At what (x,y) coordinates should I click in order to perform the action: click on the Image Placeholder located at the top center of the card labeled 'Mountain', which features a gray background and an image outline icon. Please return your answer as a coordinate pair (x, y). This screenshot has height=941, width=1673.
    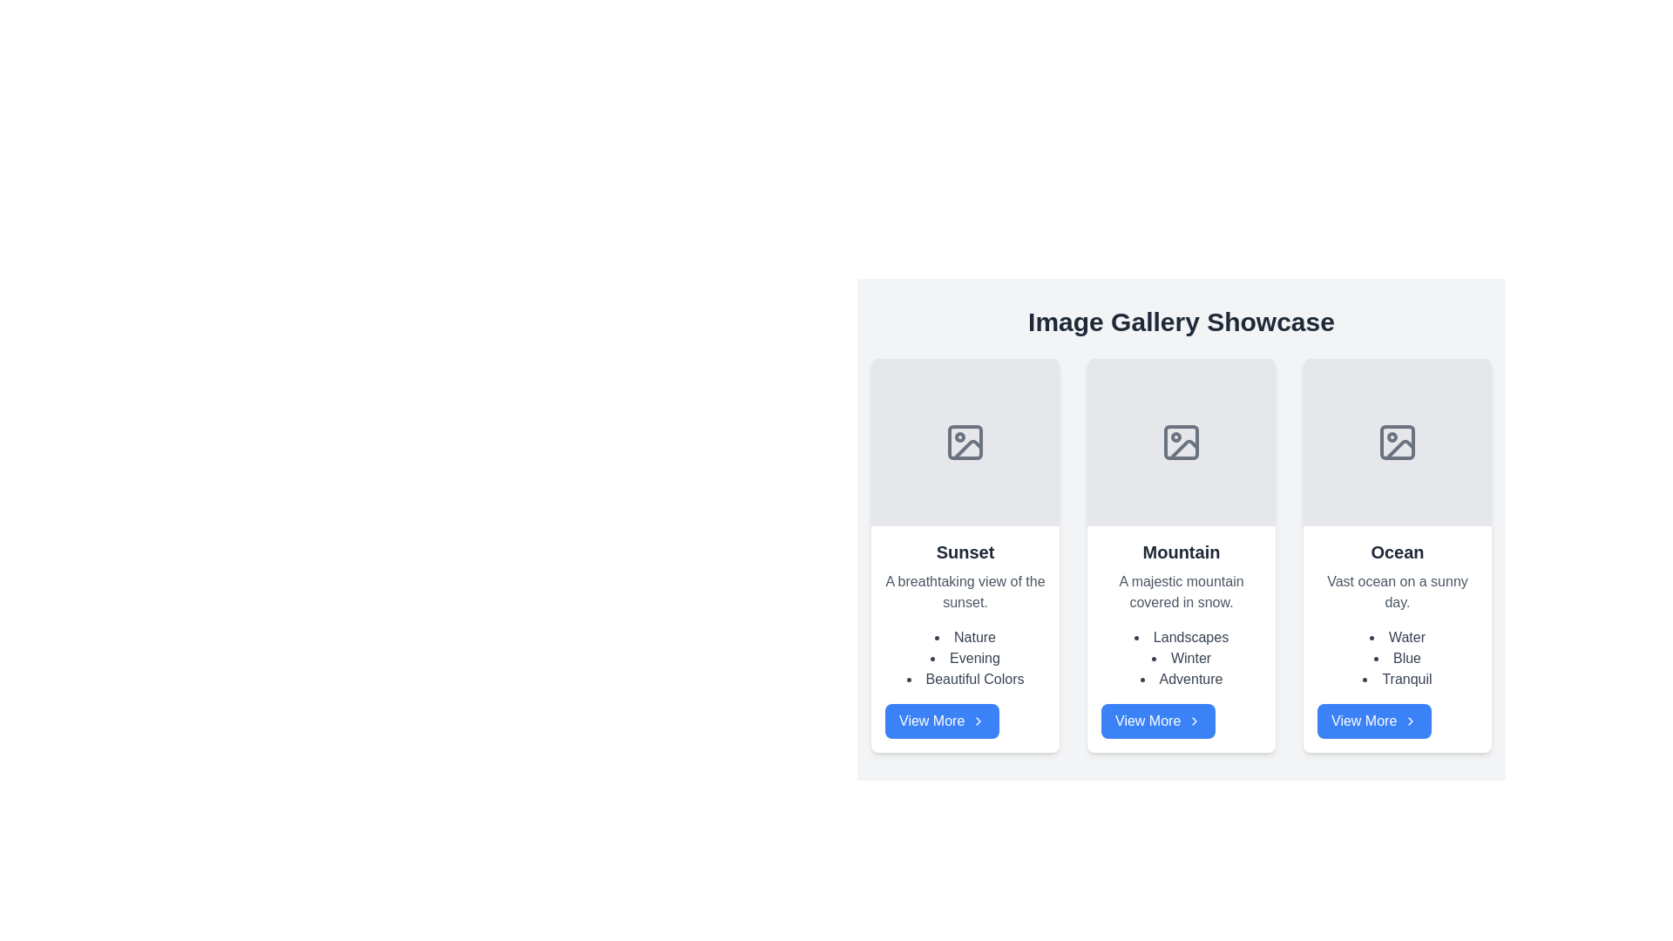
    Looking at the image, I should click on (1182, 442).